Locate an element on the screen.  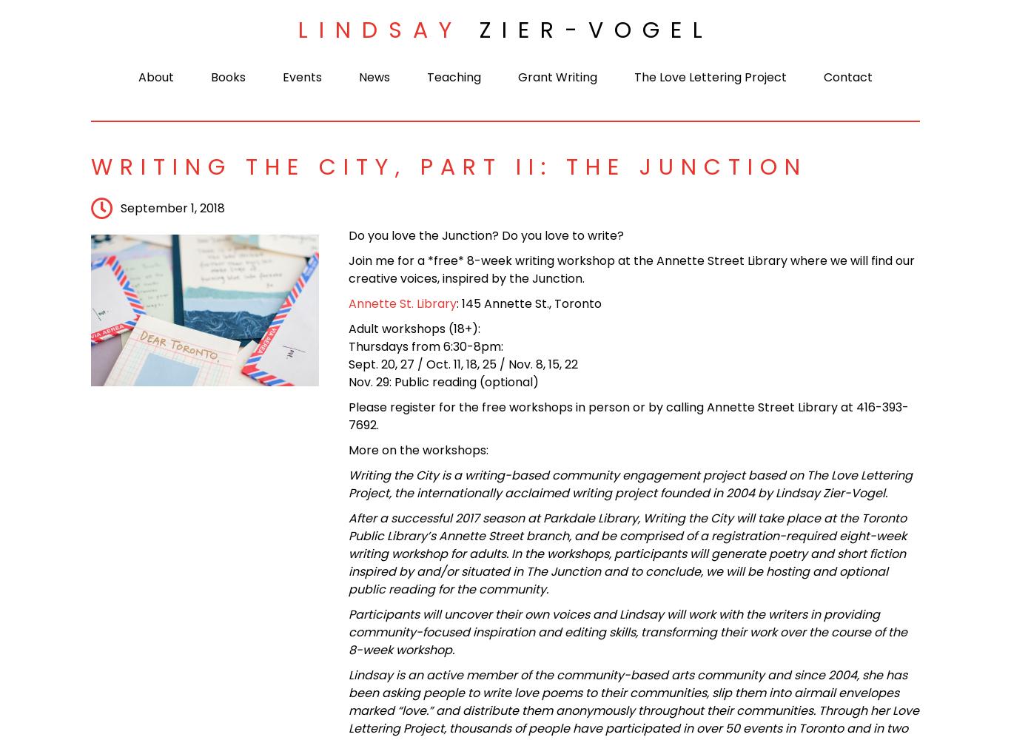
'ZIER-VOGEL' is located at coordinates (477, 30).